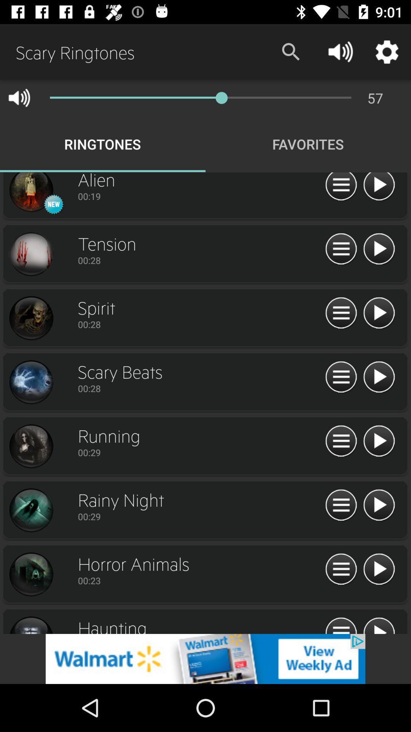 This screenshot has width=411, height=732. Describe the element at coordinates (341, 249) in the screenshot. I see `more info` at that location.